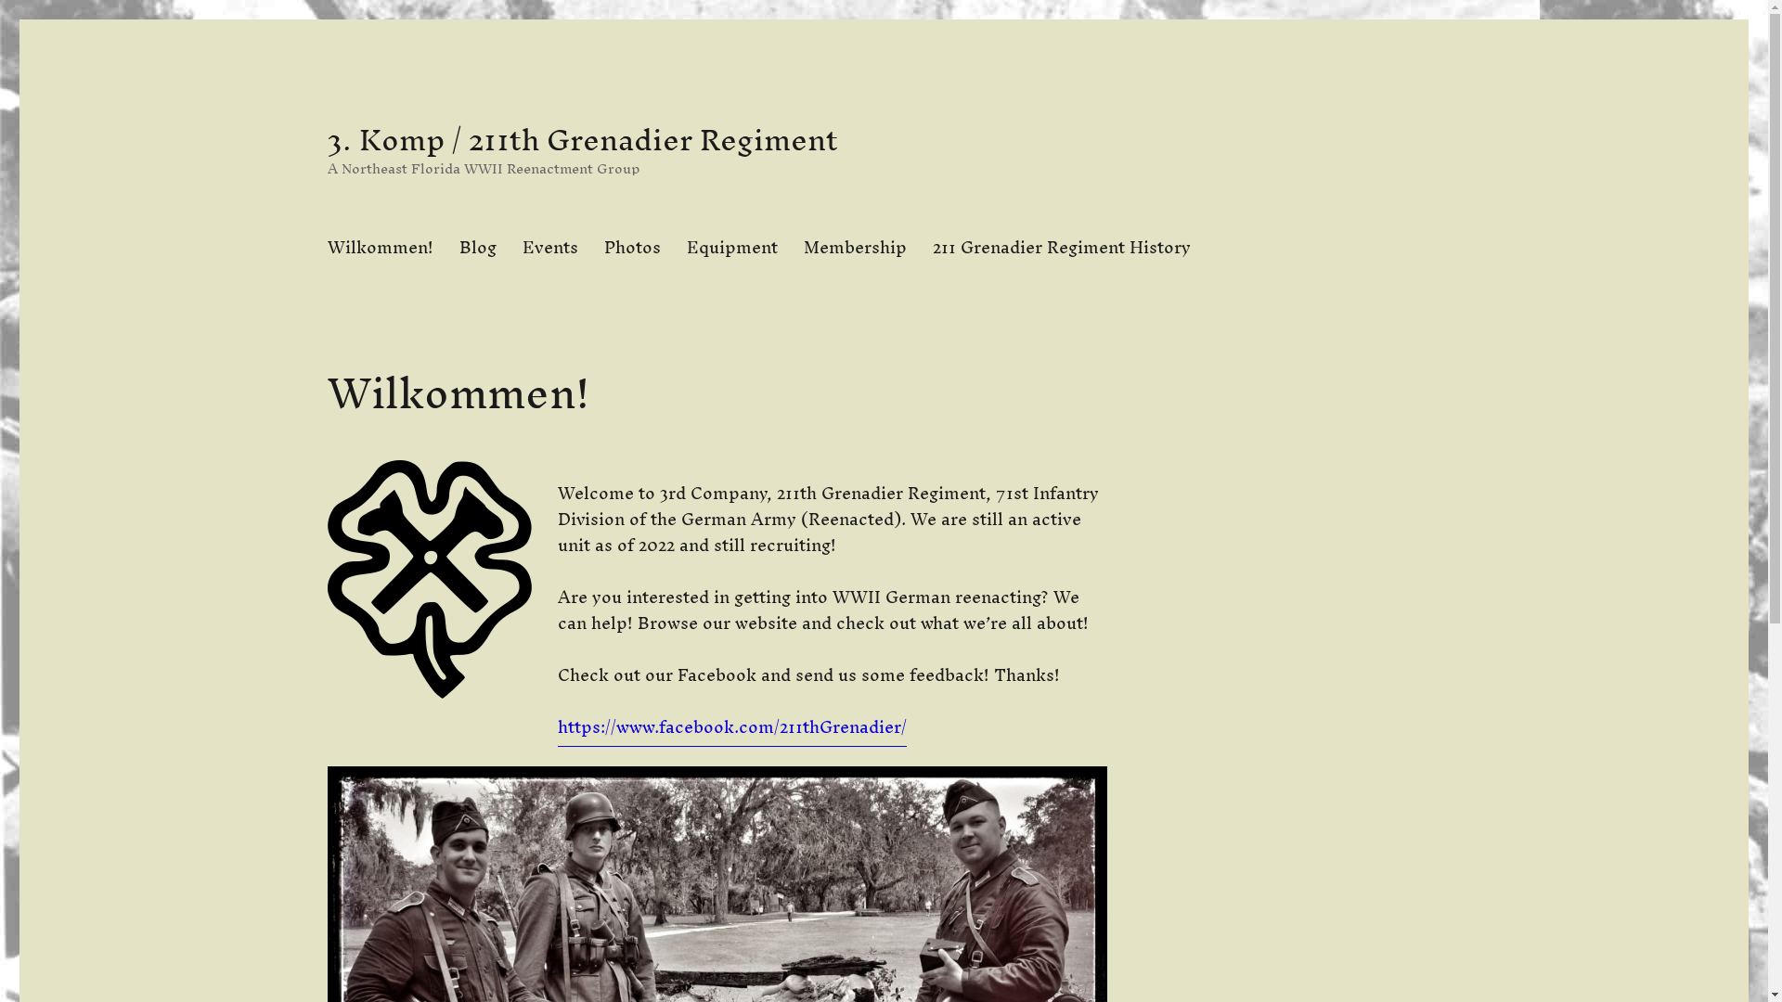 Image resolution: width=1782 pixels, height=1002 pixels. I want to click on 'Wilkommen!', so click(378, 246).